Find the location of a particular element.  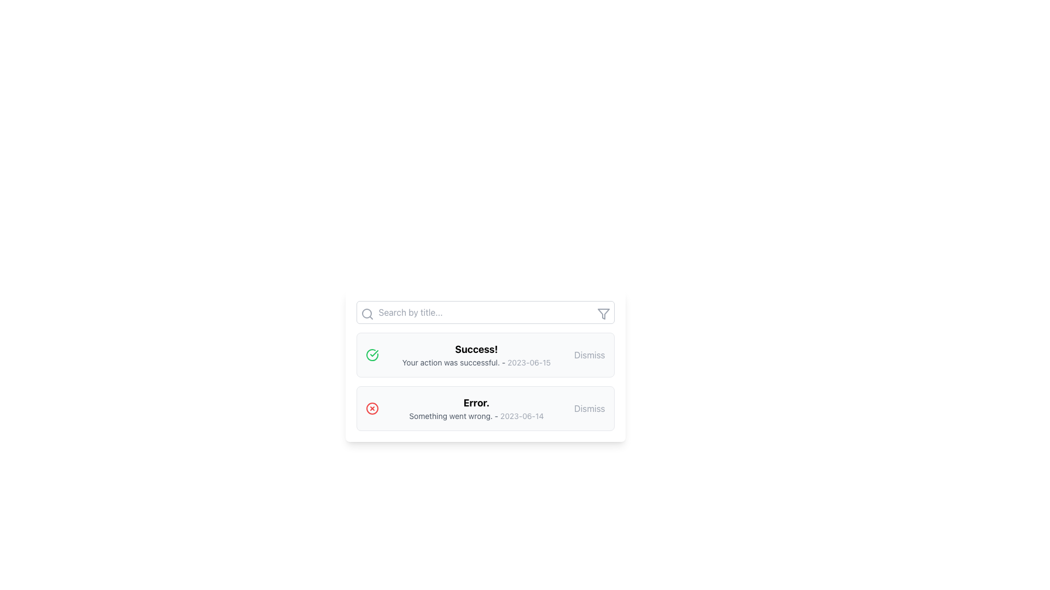

the gray text displaying the date '2023-06-14' in the notification bar indicating an issue, which is aligned to the rightmost end of the text block is located at coordinates (521, 416).